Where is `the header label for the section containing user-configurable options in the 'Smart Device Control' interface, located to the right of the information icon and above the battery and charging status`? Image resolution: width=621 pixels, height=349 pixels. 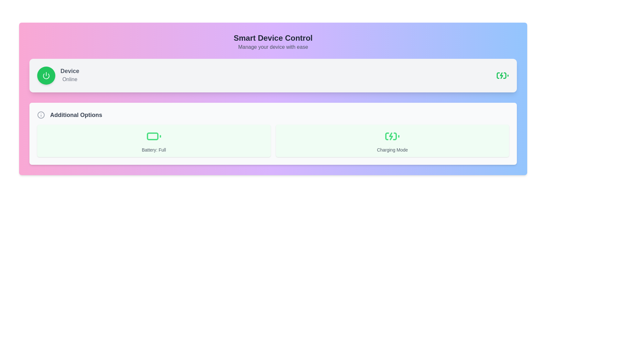
the header label for the section containing user-configurable options in the 'Smart Device Control' interface, located to the right of the information icon and above the battery and charging status is located at coordinates (76, 114).